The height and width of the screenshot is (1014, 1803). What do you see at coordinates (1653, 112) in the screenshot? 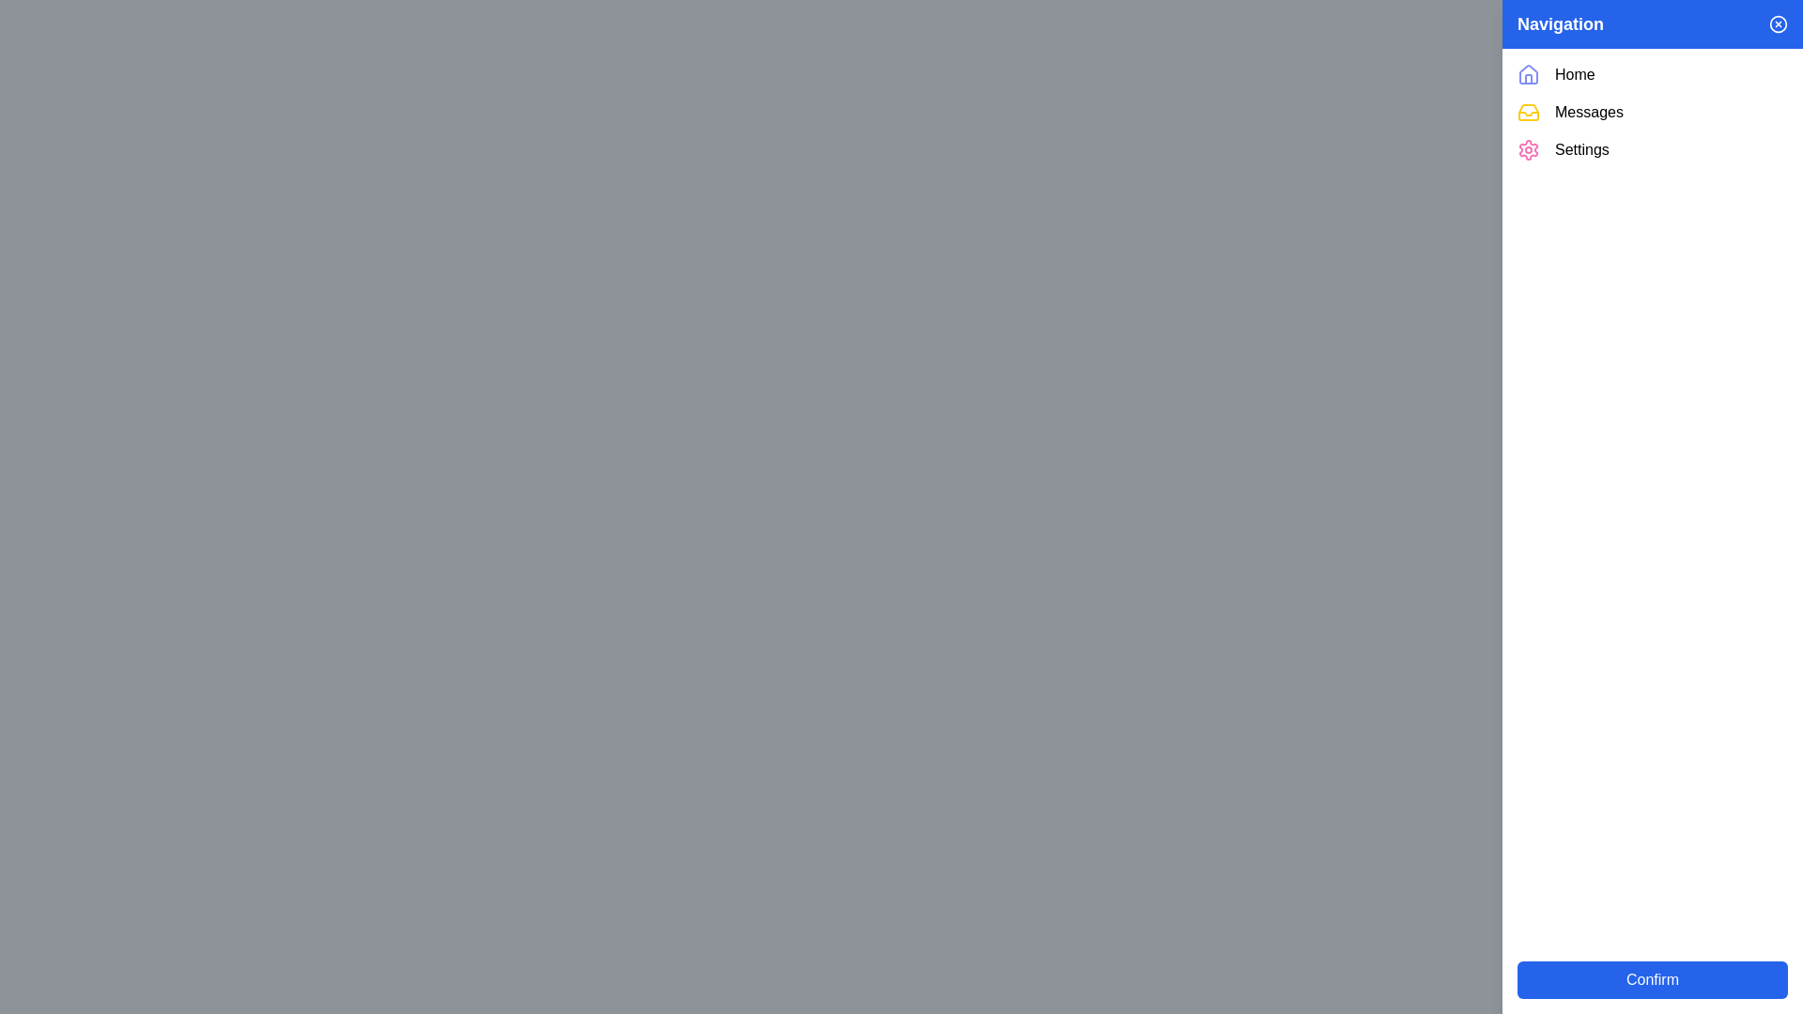
I see `the 'Messages' navigation item located in the vertical menu, positioned below 'Home' and above 'Settings'` at bounding box center [1653, 112].